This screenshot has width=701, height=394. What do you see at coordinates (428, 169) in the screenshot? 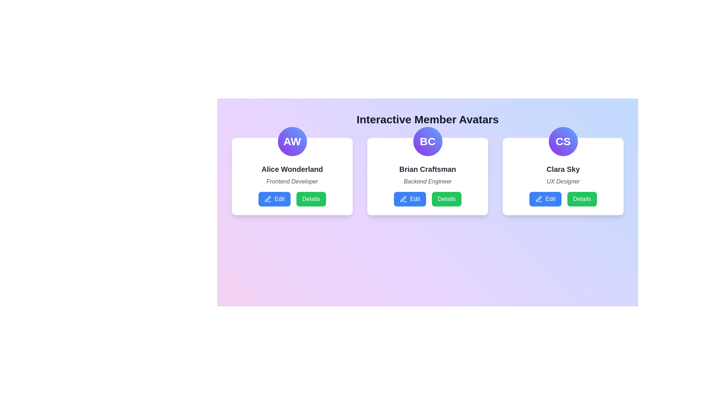
I see `the Text Label displaying the name of the individual associated with the card, which is located in the middle card of a group of three, beneath the circle avatar labeled 'BC' and above the secondary text 'Backend Engineer'` at bounding box center [428, 169].